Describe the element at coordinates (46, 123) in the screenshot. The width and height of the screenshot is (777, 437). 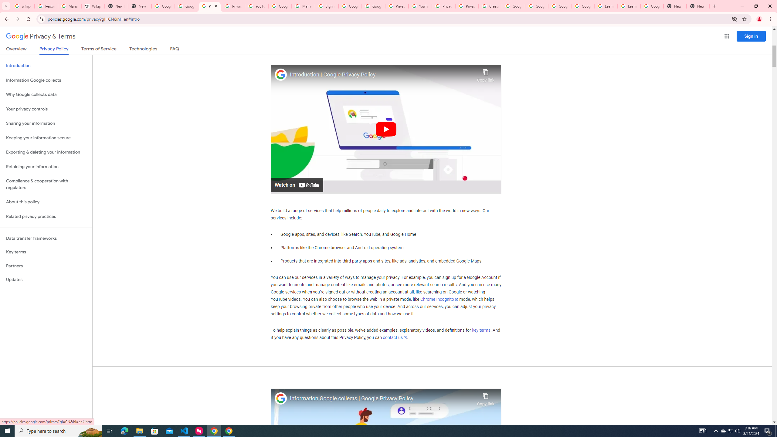
I see `'Sharing your information'` at that location.